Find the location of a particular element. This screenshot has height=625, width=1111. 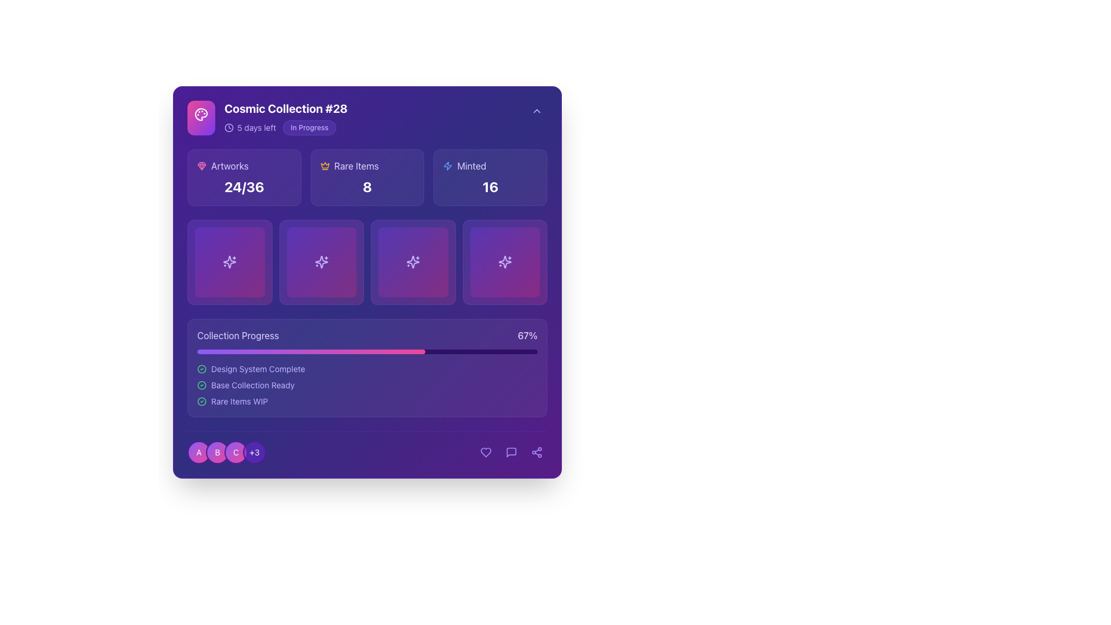

text label displaying the status description for 'Rare Items WIP' progress in the 'Collection Progress' section, which is the third item in the vertical list is located at coordinates (239, 400).